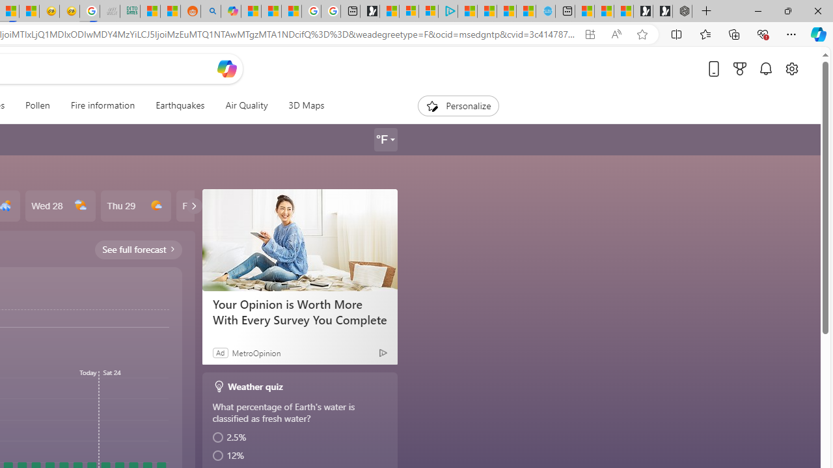  Describe the element at coordinates (226, 68) in the screenshot. I see `'Open Copilot'` at that location.